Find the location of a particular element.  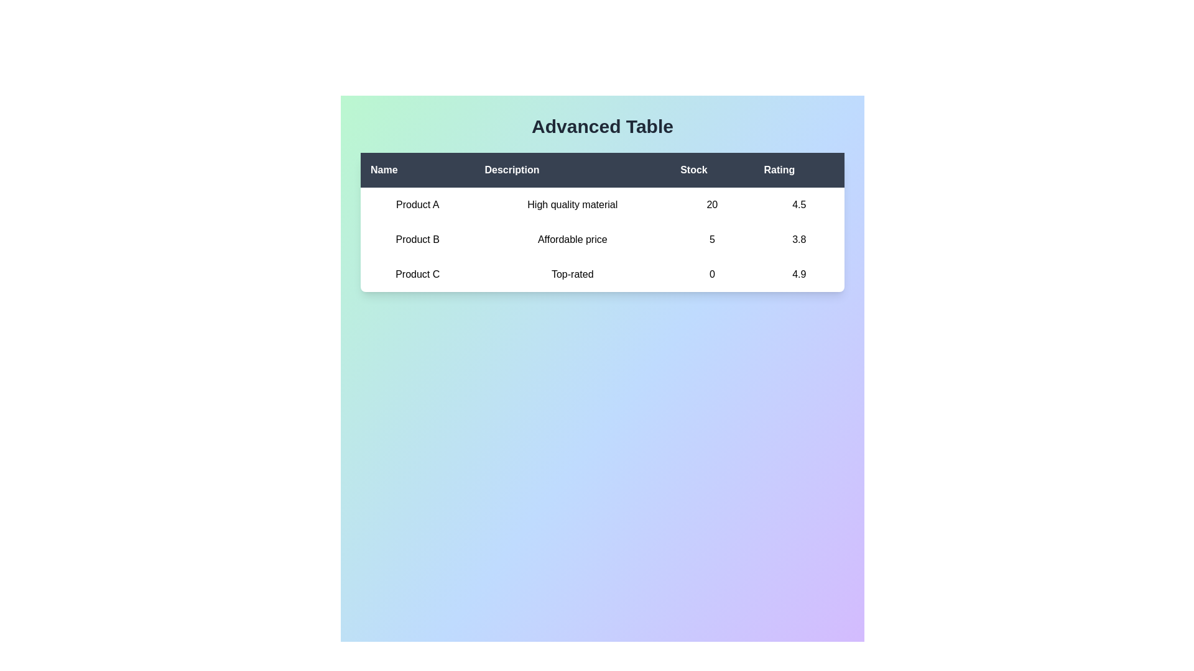

the 'Stock' text label in the table header is located at coordinates (712, 170).